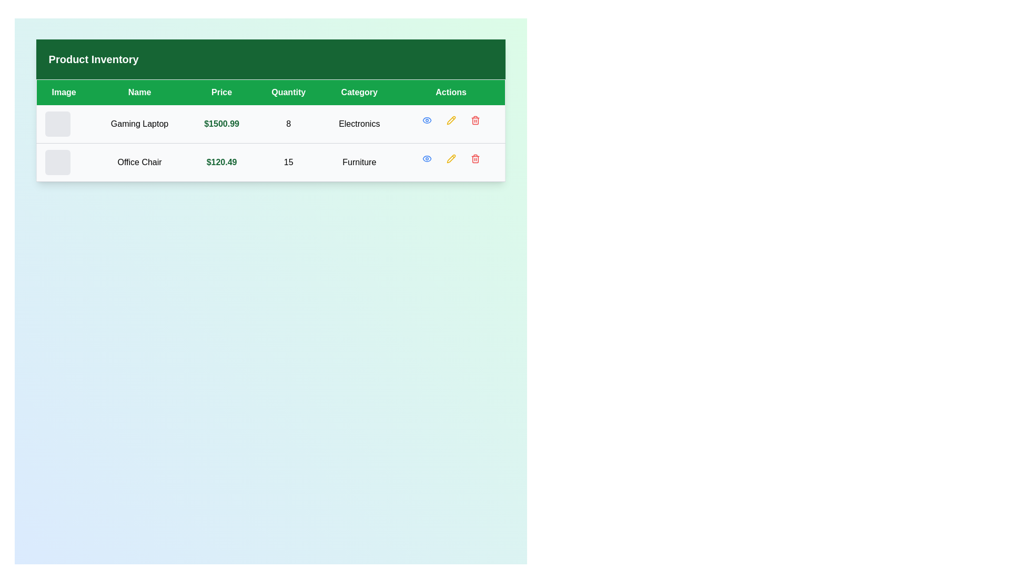 This screenshot has height=568, width=1010. Describe the element at coordinates (139, 124) in the screenshot. I see `the TextDisplay element located in the second column of the first row of the data table under the 'Product Inventory' header` at that location.